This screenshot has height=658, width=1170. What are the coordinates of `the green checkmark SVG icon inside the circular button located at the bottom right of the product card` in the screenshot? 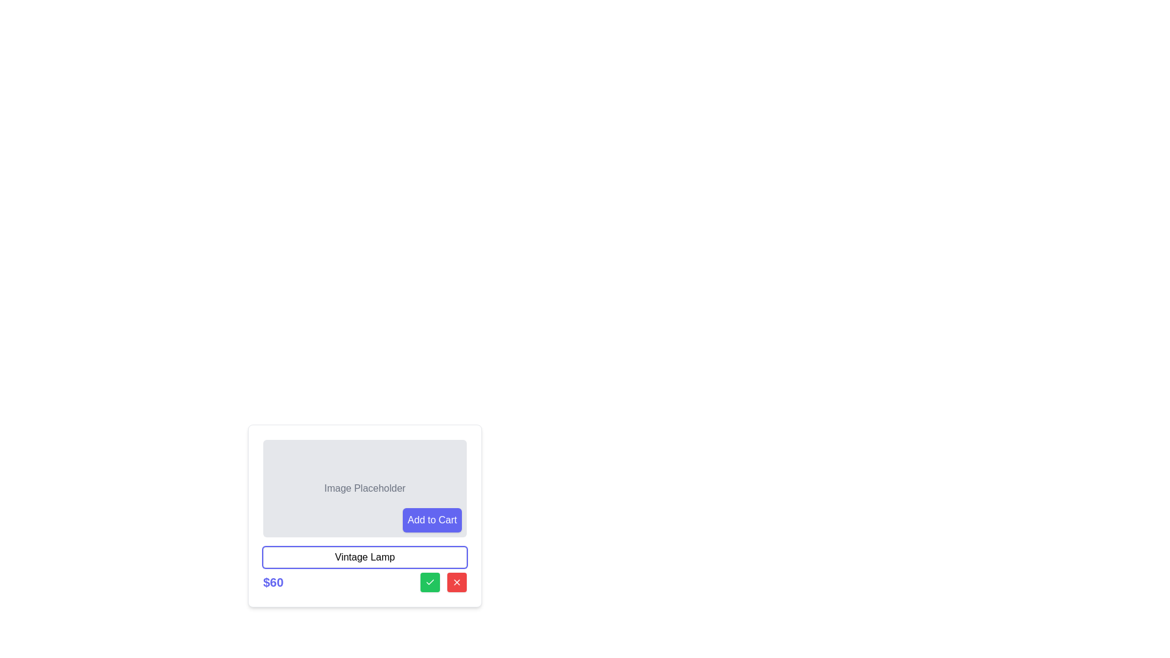 It's located at (430, 582).